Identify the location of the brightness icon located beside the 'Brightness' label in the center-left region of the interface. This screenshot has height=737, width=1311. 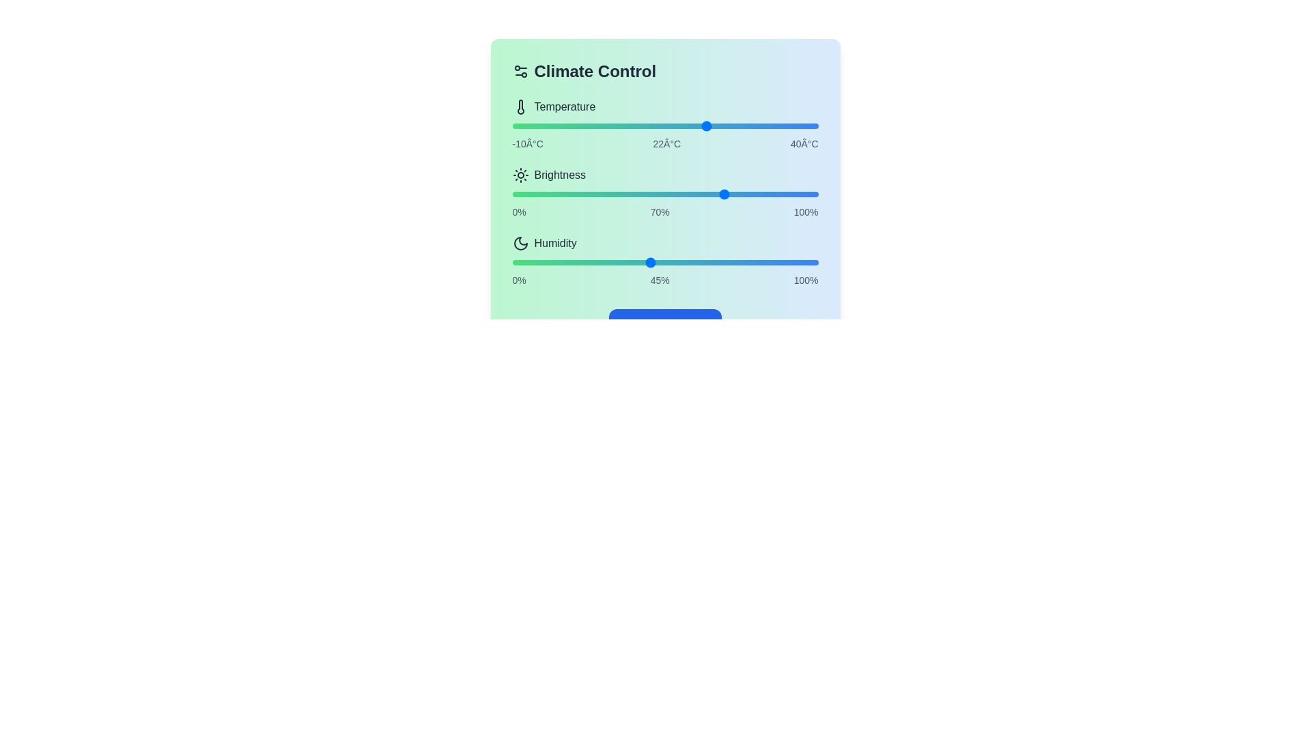
(520, 175).